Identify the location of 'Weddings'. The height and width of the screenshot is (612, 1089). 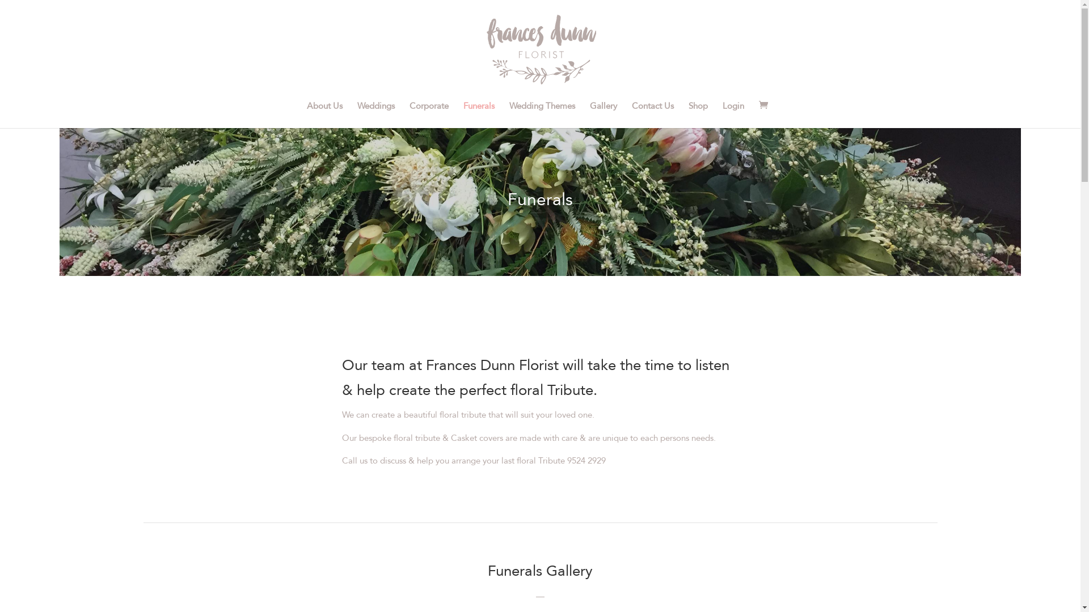
(375, 115).